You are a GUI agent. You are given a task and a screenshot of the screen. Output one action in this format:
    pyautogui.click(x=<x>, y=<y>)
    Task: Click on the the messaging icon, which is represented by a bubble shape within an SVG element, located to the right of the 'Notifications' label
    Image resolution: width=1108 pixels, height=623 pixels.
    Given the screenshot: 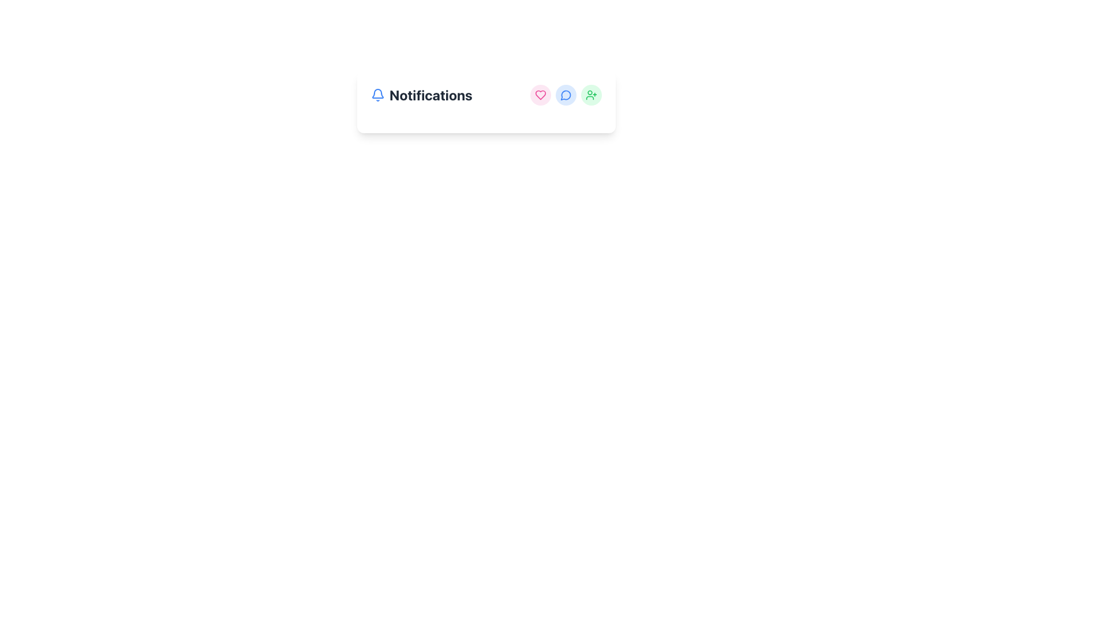 What is the action you would take?
    pyautogui.click(x=566, y=95)
    